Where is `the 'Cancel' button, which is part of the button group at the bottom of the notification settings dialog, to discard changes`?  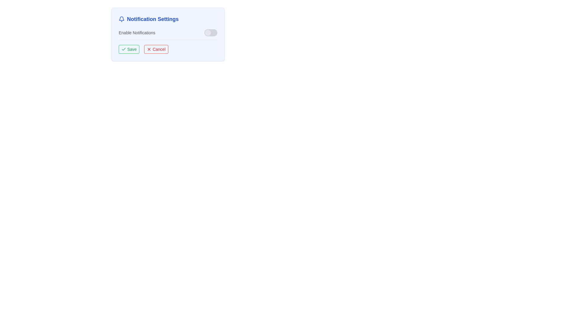 the 'Cancel' button, which is part of the button group at the bottom of the notification settings dialog, to discard changes is located at coordinates (168, 49).